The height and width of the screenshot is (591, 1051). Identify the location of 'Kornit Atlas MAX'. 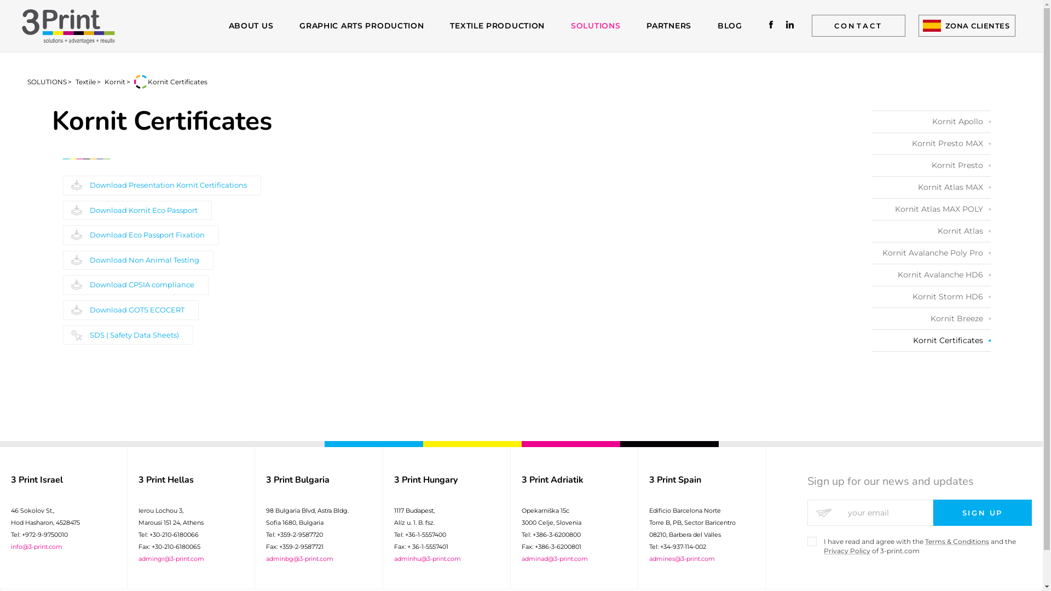
(930, 187).